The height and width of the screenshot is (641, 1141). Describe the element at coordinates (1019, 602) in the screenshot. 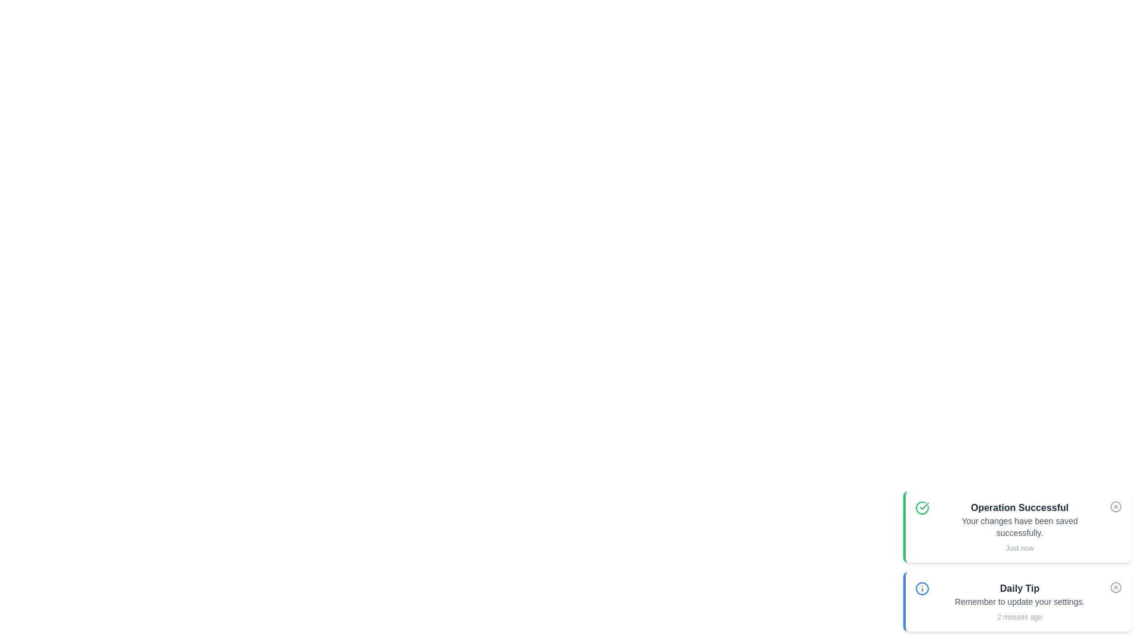

I see `the Text Label that states 'Remember to update your settings.', positioned below the 'Daily Tip' title and above the timestamp '2 minutes ago'` at that location.